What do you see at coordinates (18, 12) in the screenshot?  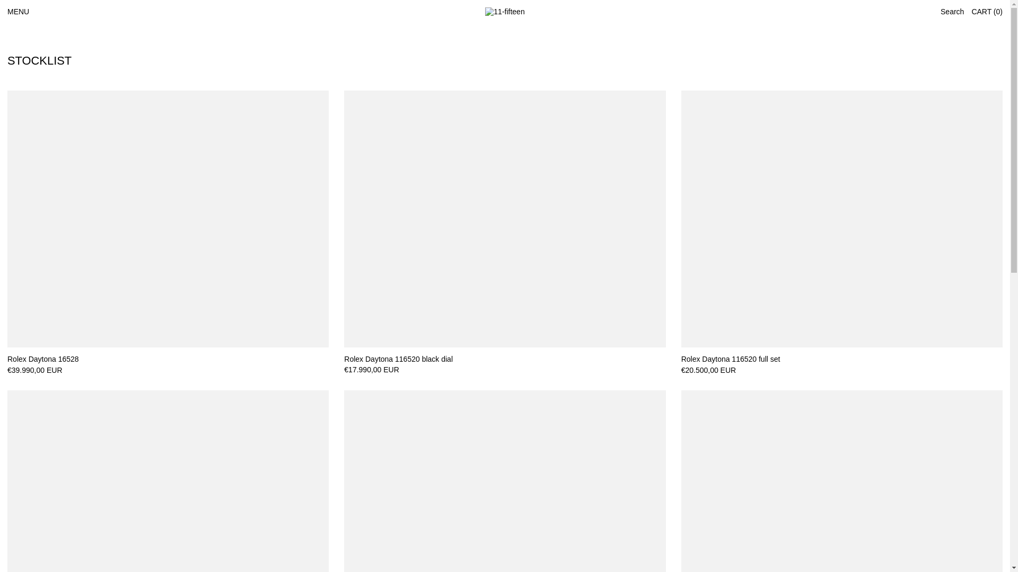 I see `'MENU'` at bounding box center [18, 12].